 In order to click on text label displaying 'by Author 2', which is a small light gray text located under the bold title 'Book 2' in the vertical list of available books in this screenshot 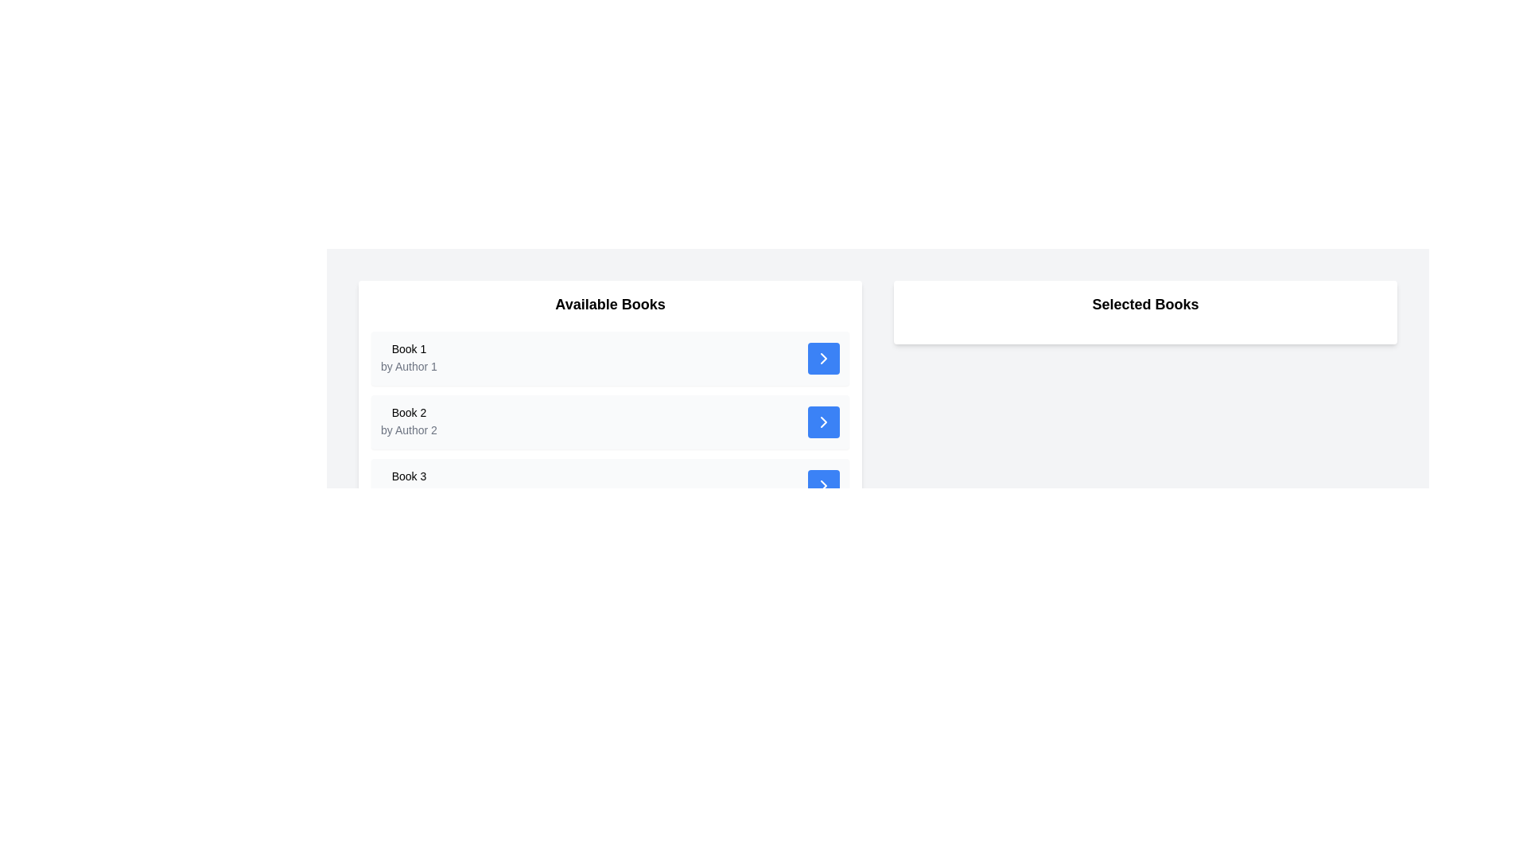, I will do `click(409, 429)`.